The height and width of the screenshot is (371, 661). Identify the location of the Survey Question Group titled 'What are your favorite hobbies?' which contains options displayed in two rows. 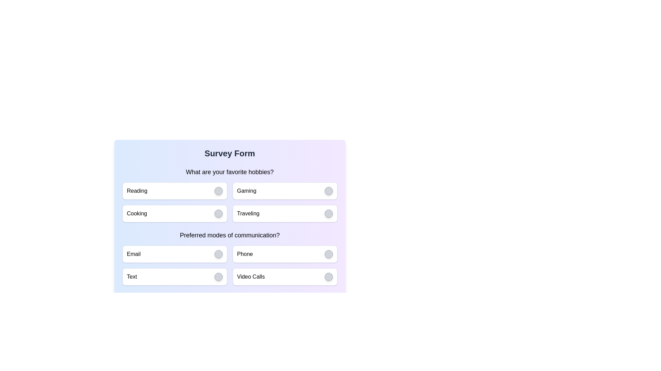
(230, 195).